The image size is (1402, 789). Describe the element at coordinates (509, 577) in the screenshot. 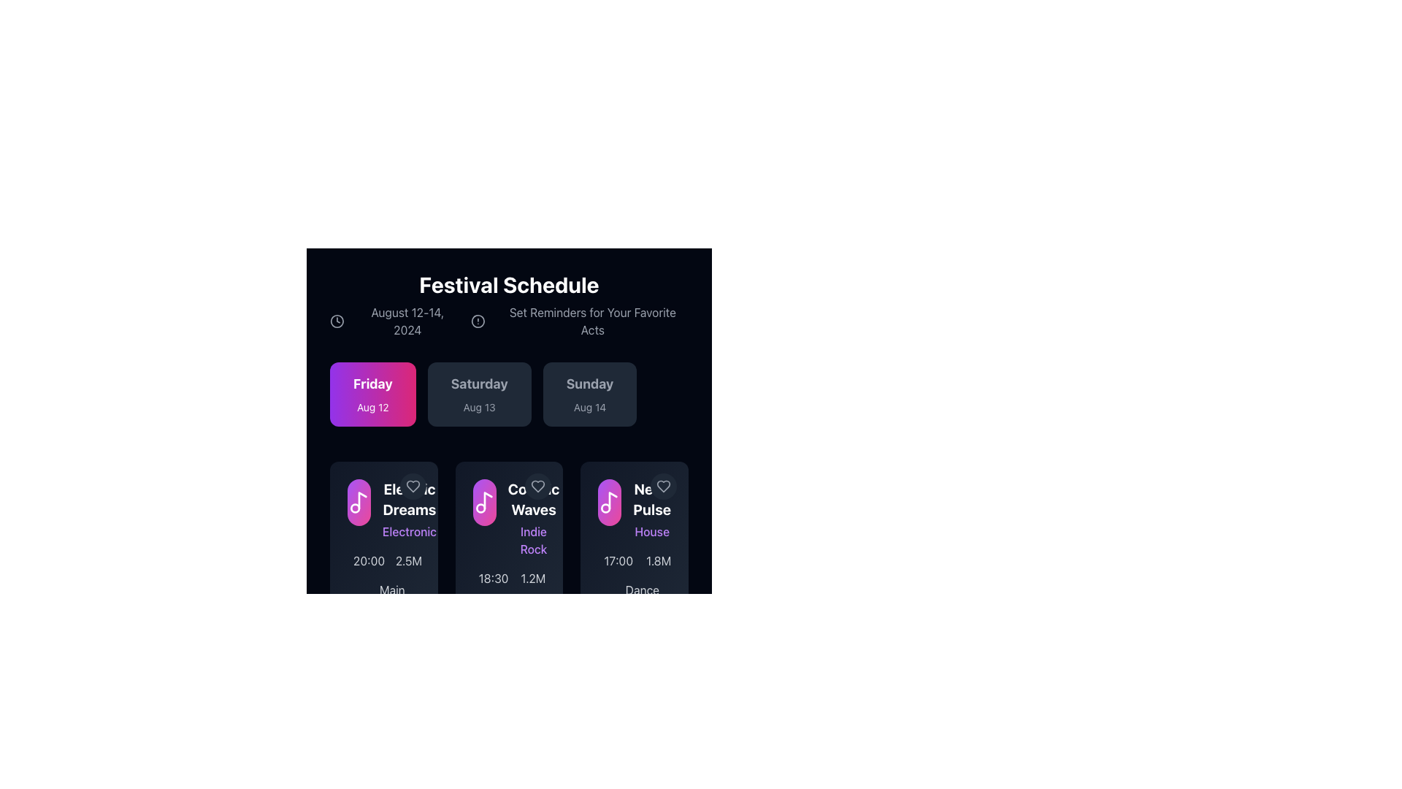

I see `Informational display block showing the time '18:30' and the metric '1.2M' for the event 'Cosmic Waves', located below 'Indie Rock' and above 'Sunset Stage'` at that location.